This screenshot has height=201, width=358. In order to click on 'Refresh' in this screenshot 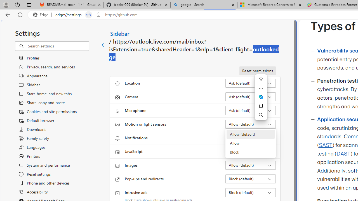, I will do `click(20, 14)`.